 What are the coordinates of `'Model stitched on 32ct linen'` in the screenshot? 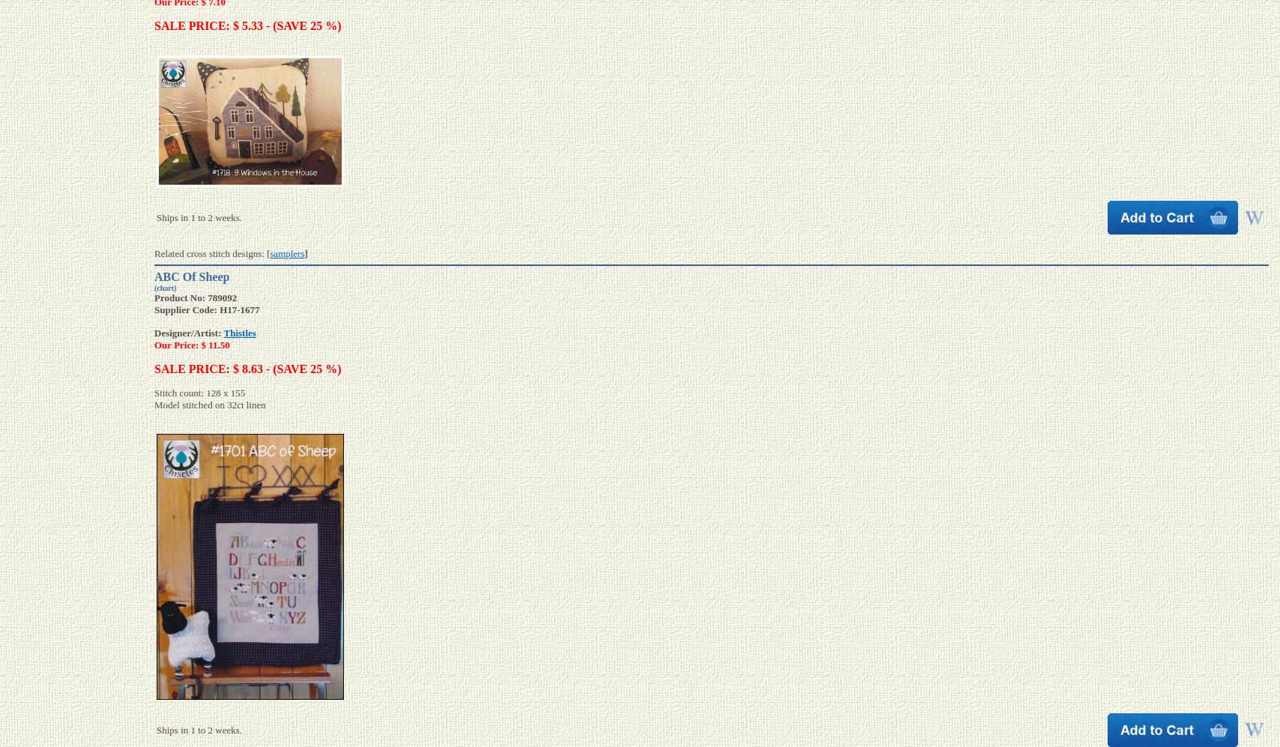 It's located at (209, 404).